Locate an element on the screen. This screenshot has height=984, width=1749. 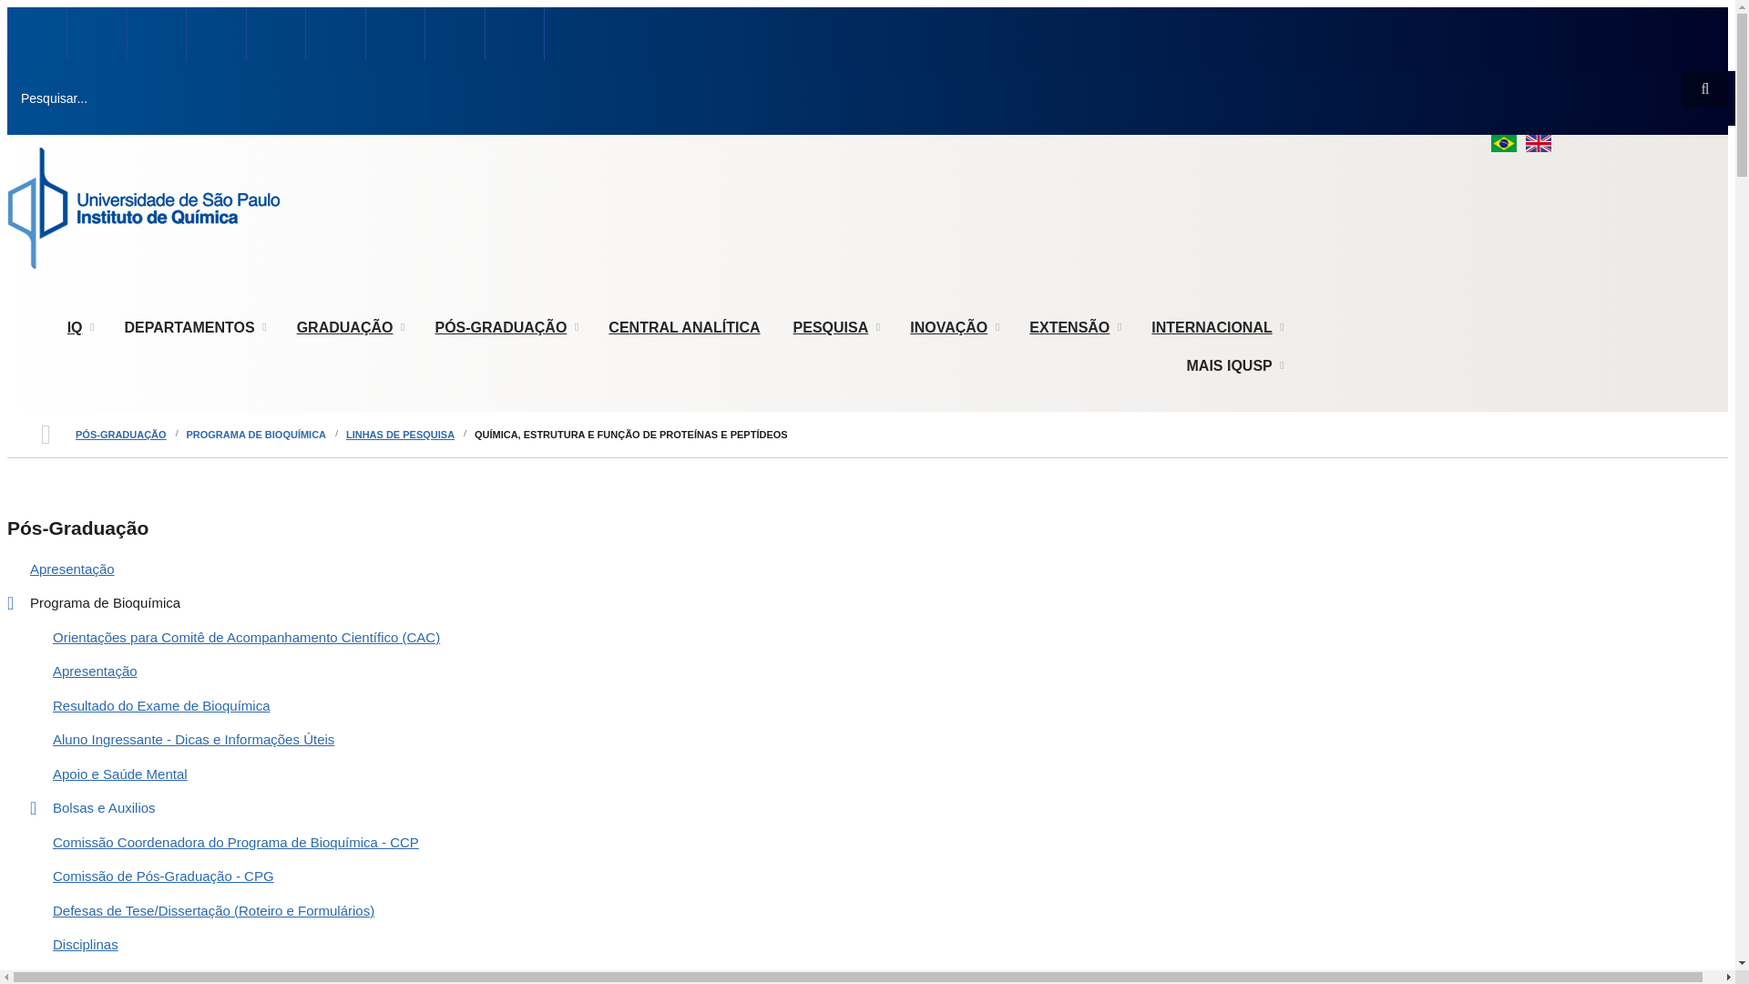
'DEPARTAMENTOS' is located at coordinates (194, 326).